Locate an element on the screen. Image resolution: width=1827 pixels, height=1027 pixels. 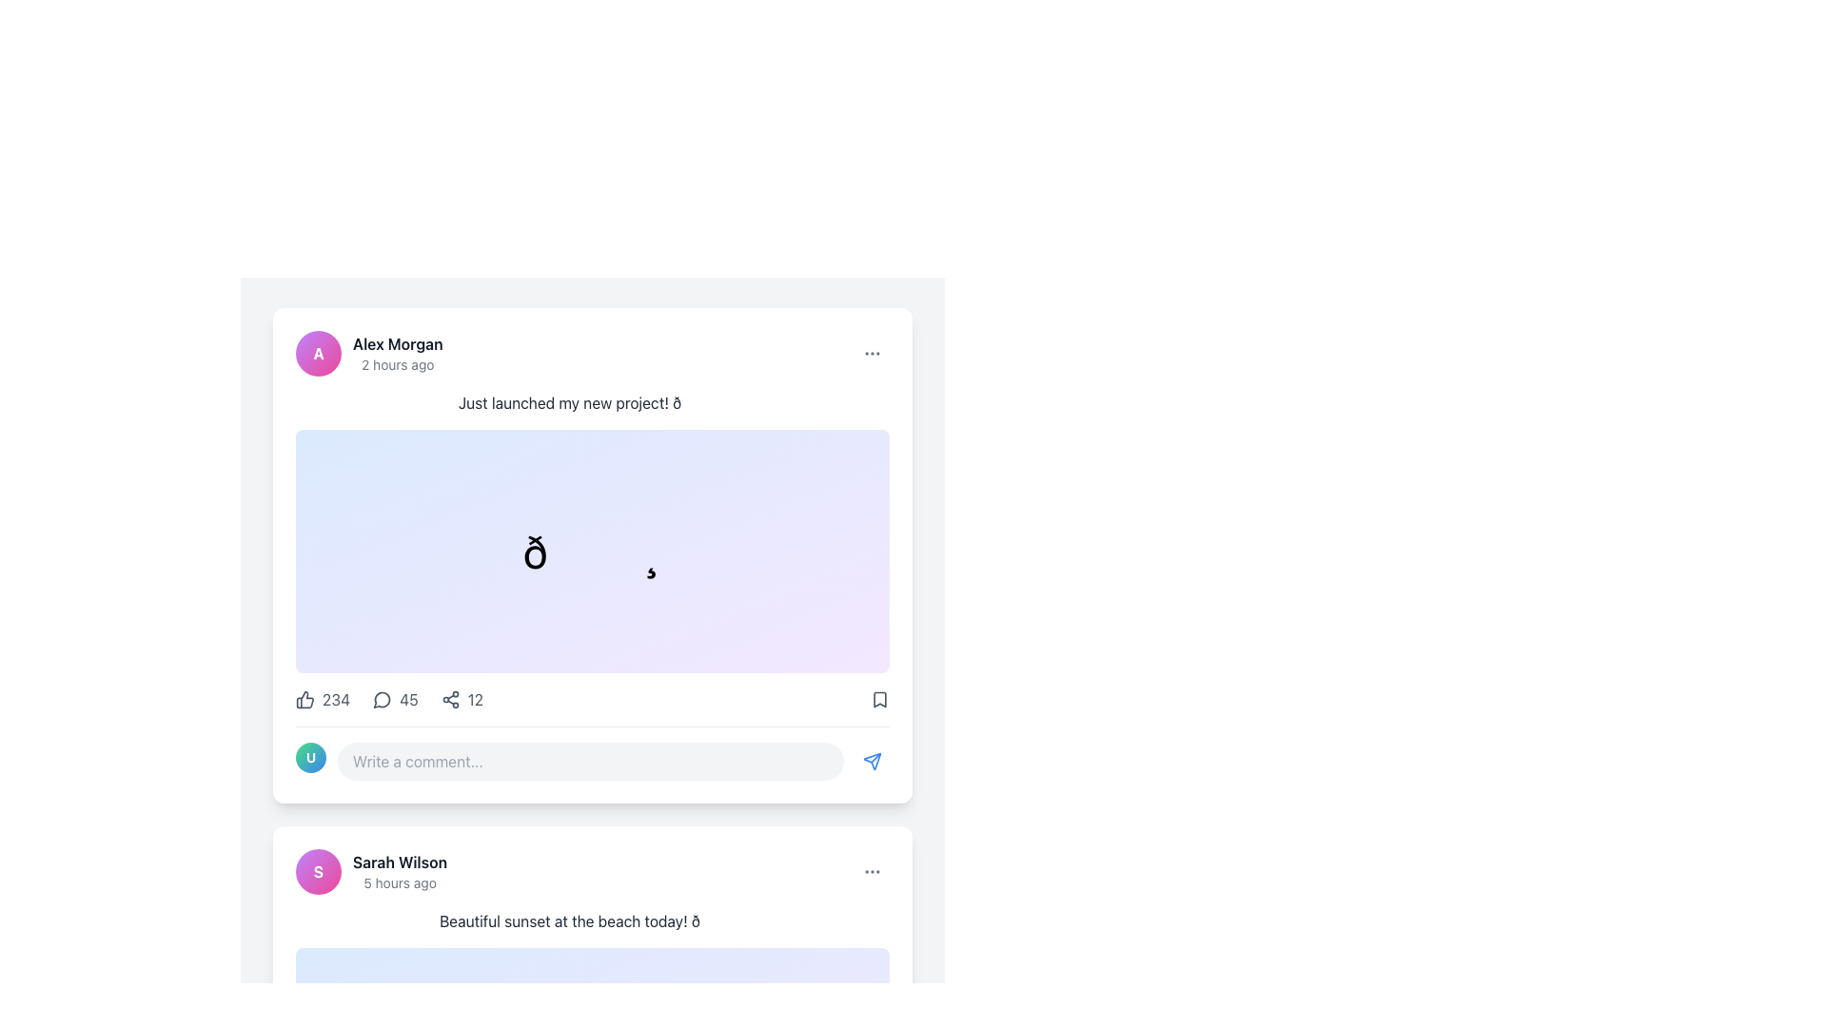
the decorative badge located at the bottom left of the comment section, preceding the text input field is located at coordinates (310, 757).